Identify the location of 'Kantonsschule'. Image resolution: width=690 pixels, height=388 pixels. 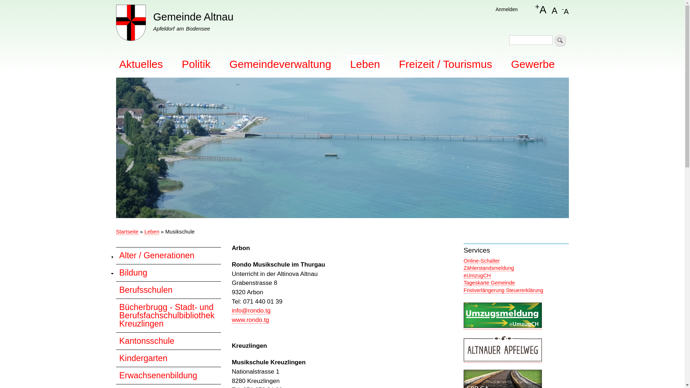
(168, 340).